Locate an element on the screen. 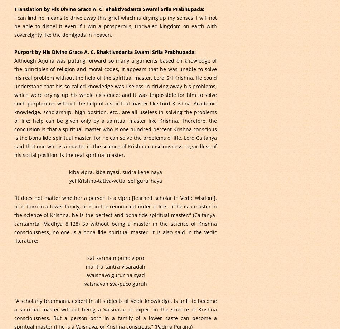 Image resolution: width=340 pixels, height=329 pixels. 'avaisnavo gurur na syad' is located at coordinates (115, 275).